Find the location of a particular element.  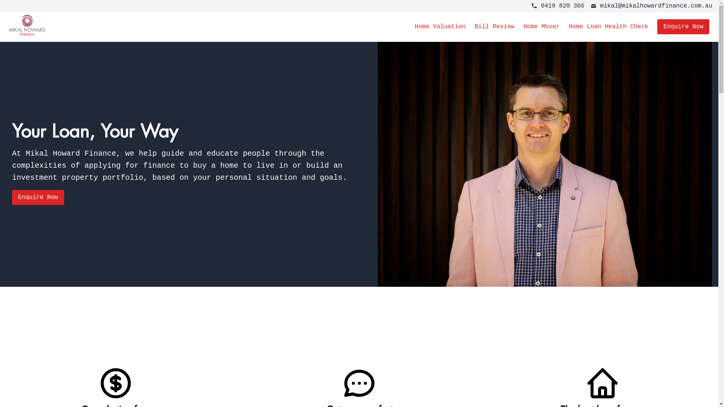

'Home Loan Health Check' is located at coordinates (608, 26).